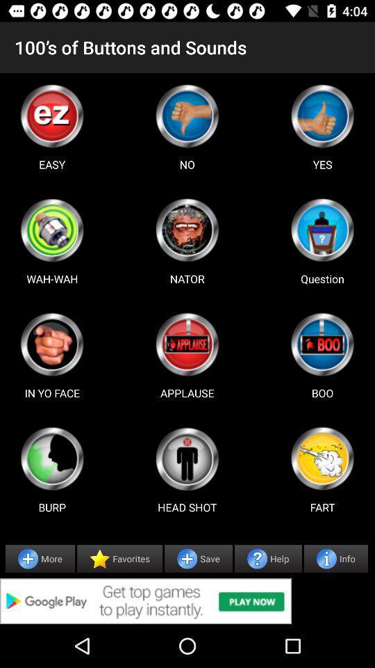  Describe the element at coordinates (187, 458) in the screenshot. I see `sound button` at that location.